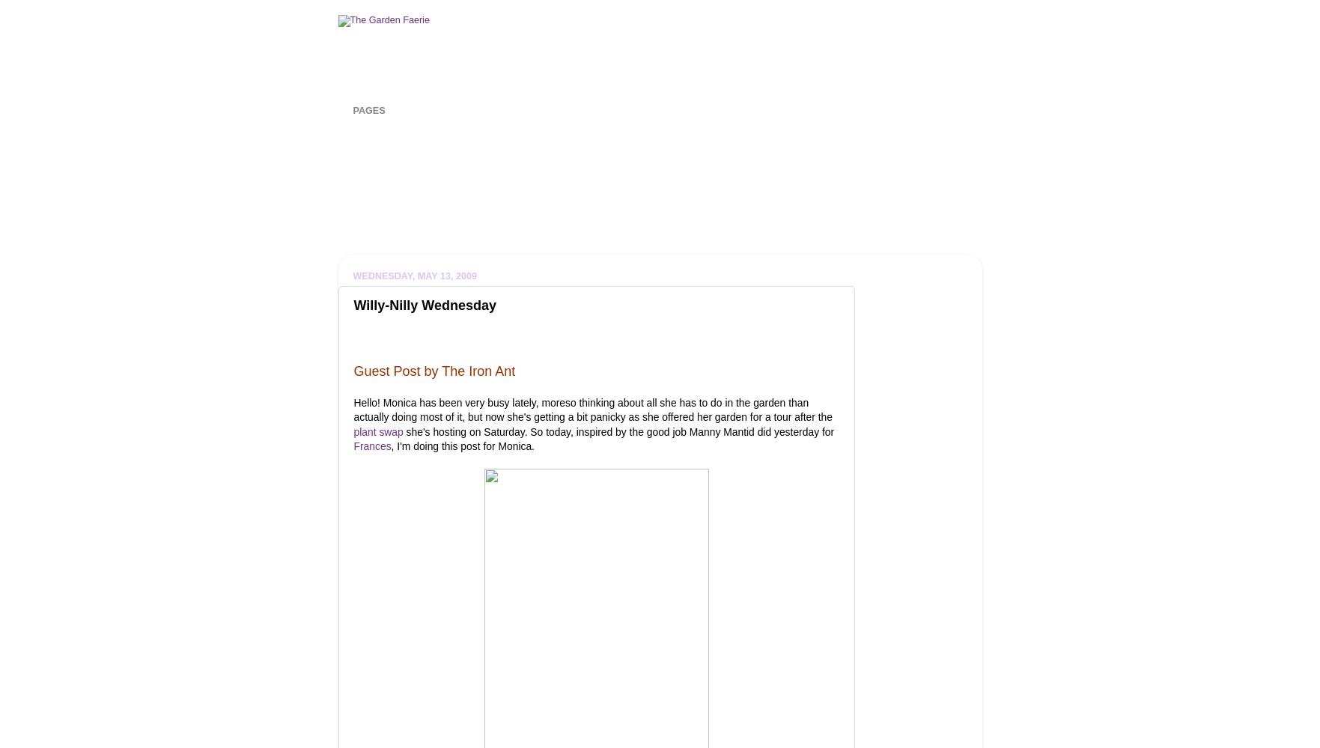  Describe the element at coordinates (371, 446) in the screenshot. I see `'Frances'` at that location.